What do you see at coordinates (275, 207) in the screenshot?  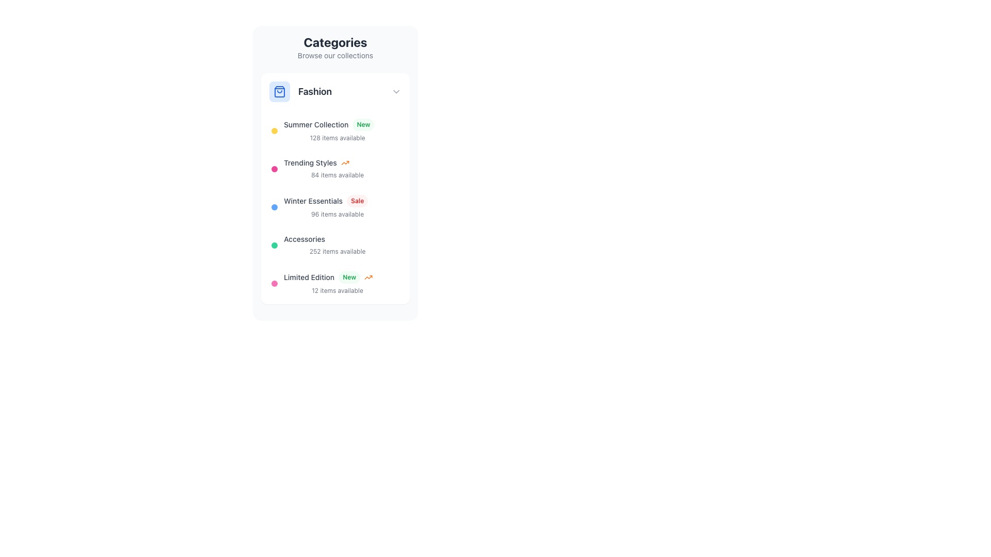 I see `the small, circular blue icon that precedes the text 'Winter Essentials Sale 96 items available' in the vertical list` at bounding box center [275, 207].